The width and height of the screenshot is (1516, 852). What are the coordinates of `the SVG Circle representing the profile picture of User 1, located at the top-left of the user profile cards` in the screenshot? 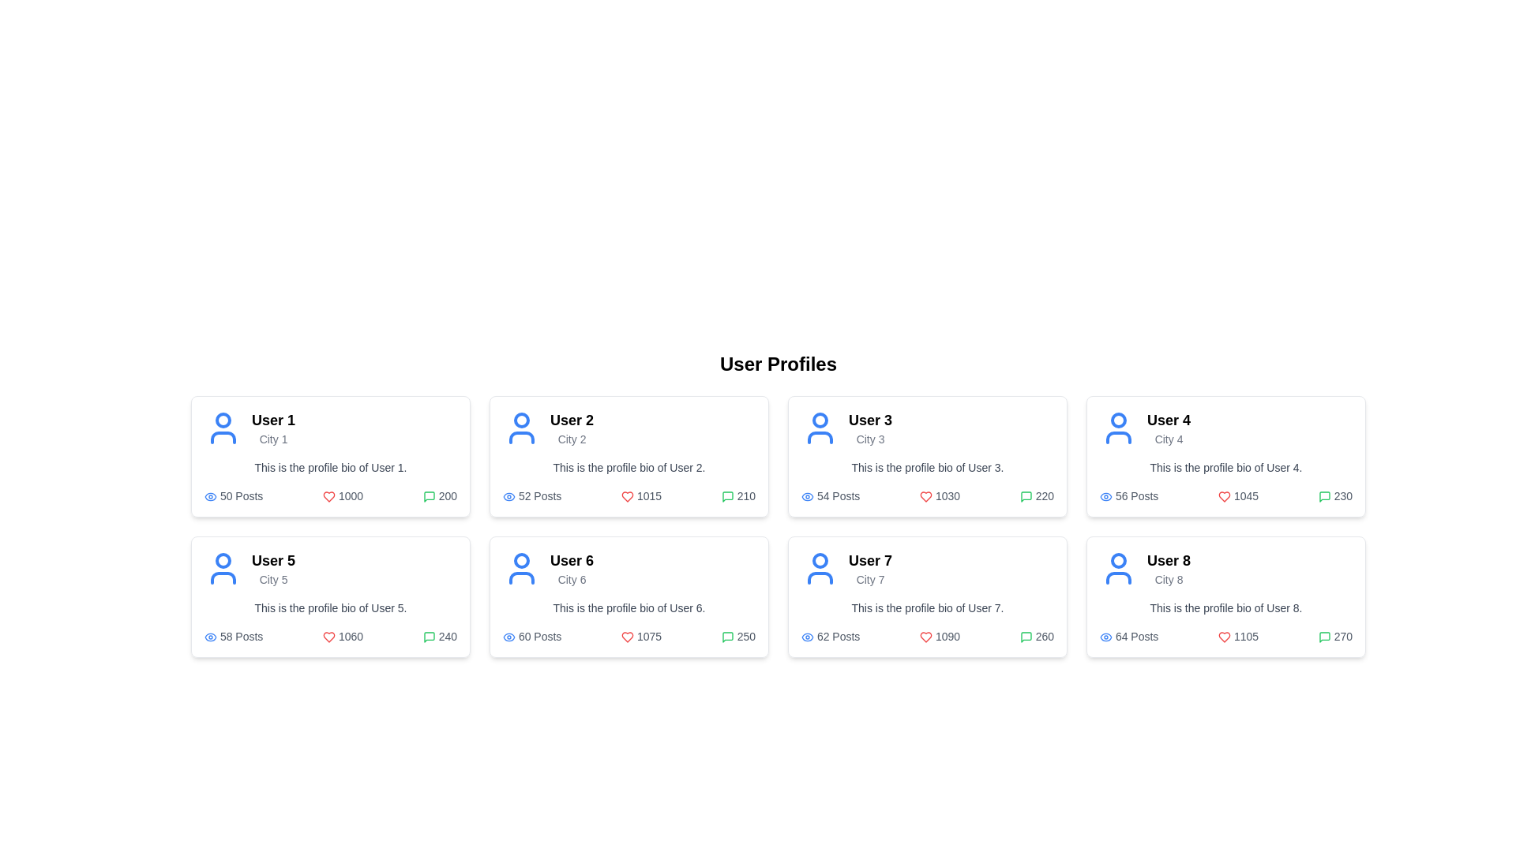 It's located at (223, 419).